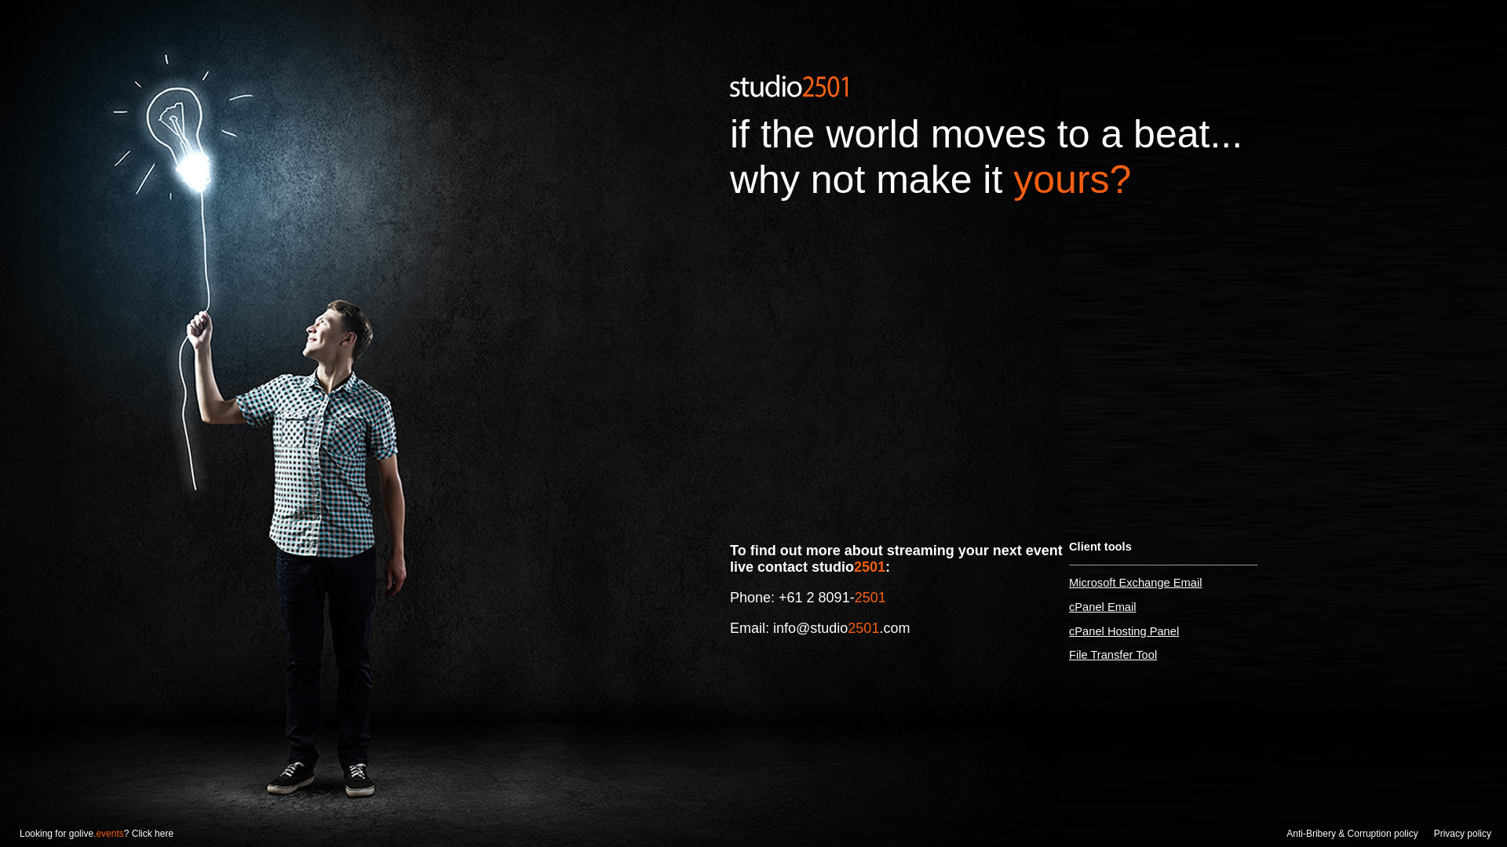  Describe the element at coordinates (1111, 654) in the screenshot. I see `'File Transfer Tool'` at that location.